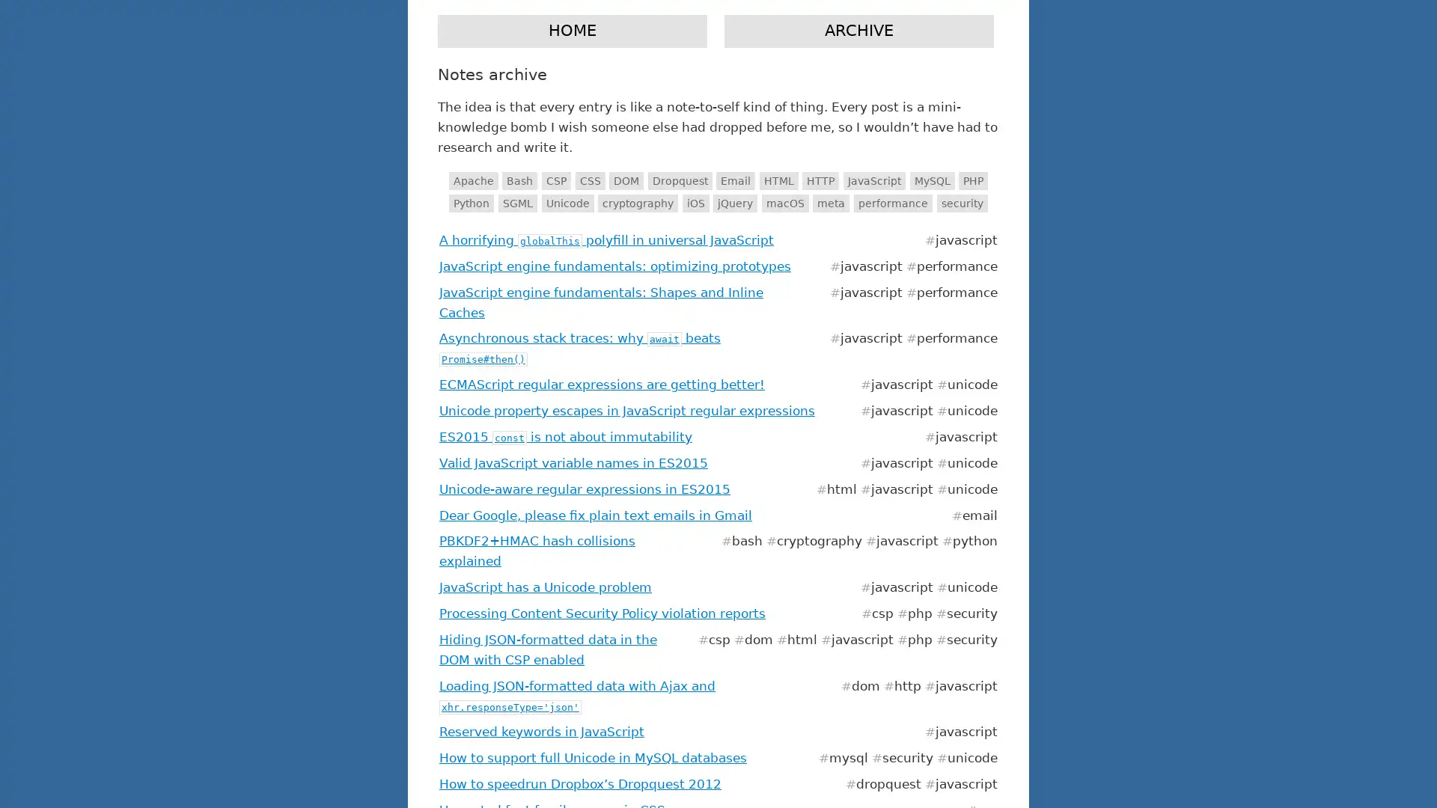 The image size is (1437, 808). What do you see at coordinates (517, 203) in the screenshot?
I see `SGML` at bounding box center [517, 203].